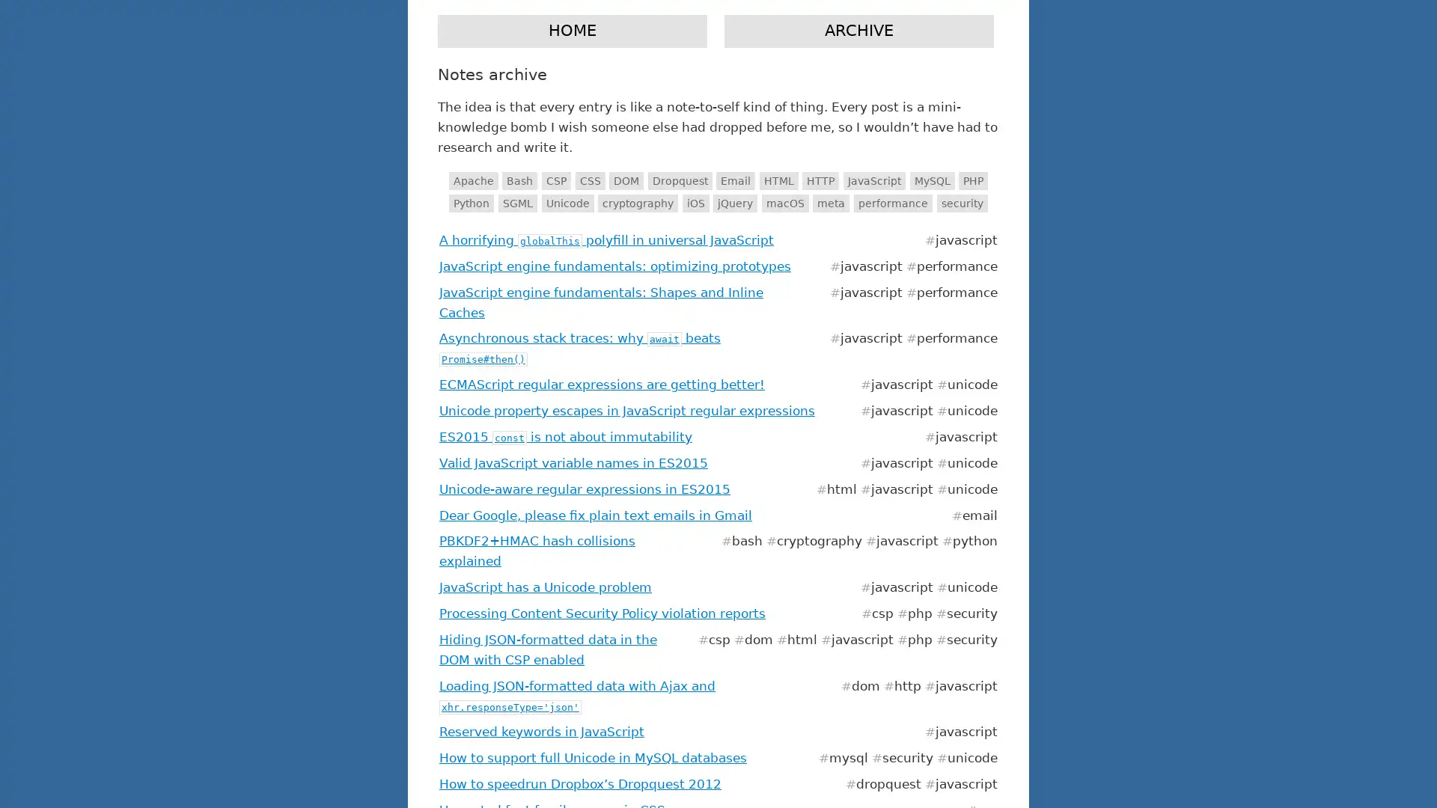 The image size is (1437, 808). What do you see at coordinates (517, 203) in the screenshot?
I see `SGML` at bounding box center [517, 203].